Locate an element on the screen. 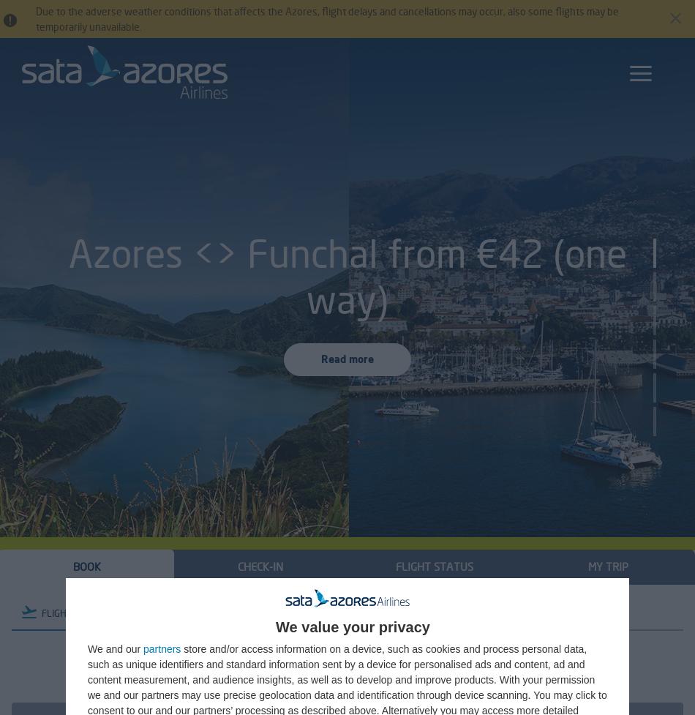 The width and height of the screenshot is (695, 715). 'PARKING' is located at coordinates (337, 612).